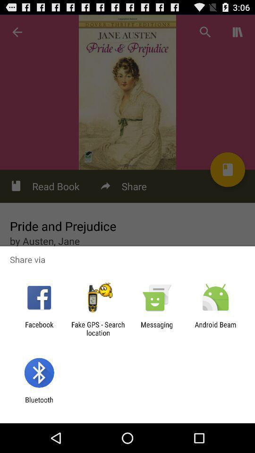  What do you see at coordinates (39, 328) in the screenshot?
I see `the app to the left of the fake gps search app` at bounding box center [39, 328].